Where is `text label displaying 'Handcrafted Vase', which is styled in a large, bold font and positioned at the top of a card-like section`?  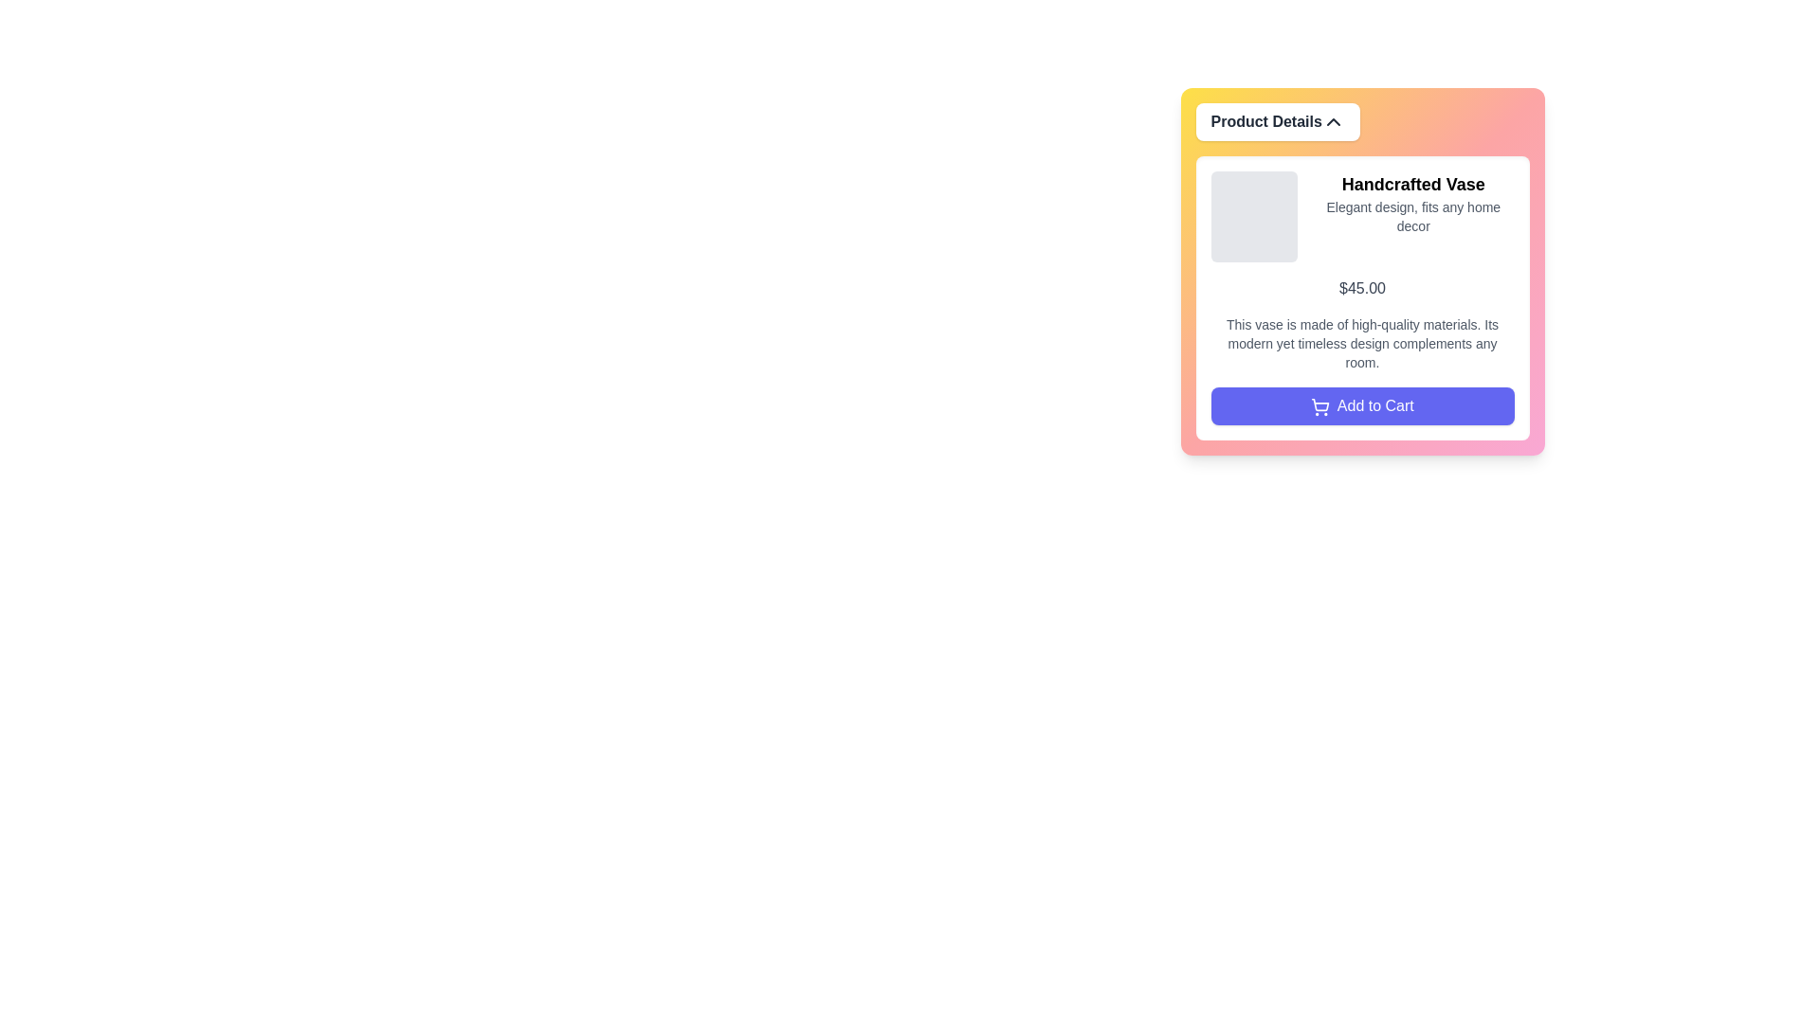
text label displaying 'Handcrafted Vase', which is styled in a large, bold font and positioned at the top of a card-like section is located at coordinates (1413, 185).